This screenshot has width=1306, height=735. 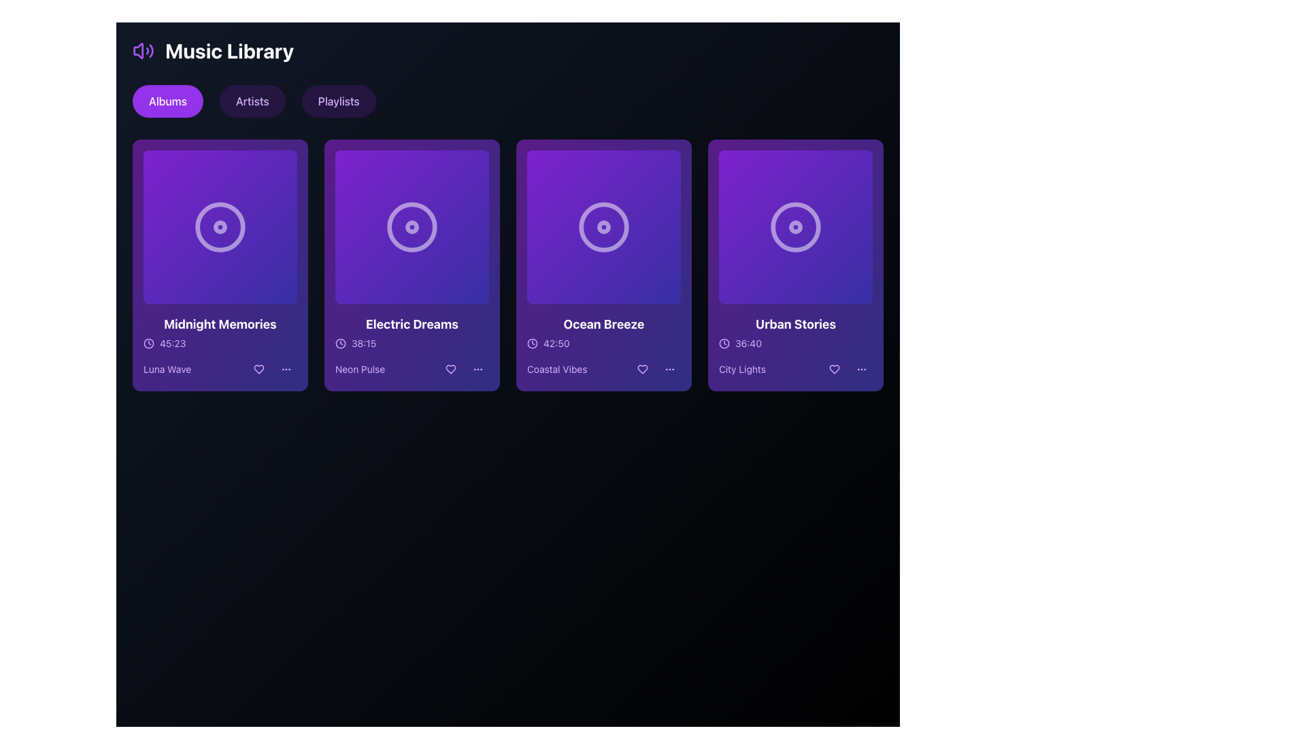 I want to click on the purple three-dot icon located at the bottom-right corner of the 'Urban Stories' music card, so click(x=861, y=370).